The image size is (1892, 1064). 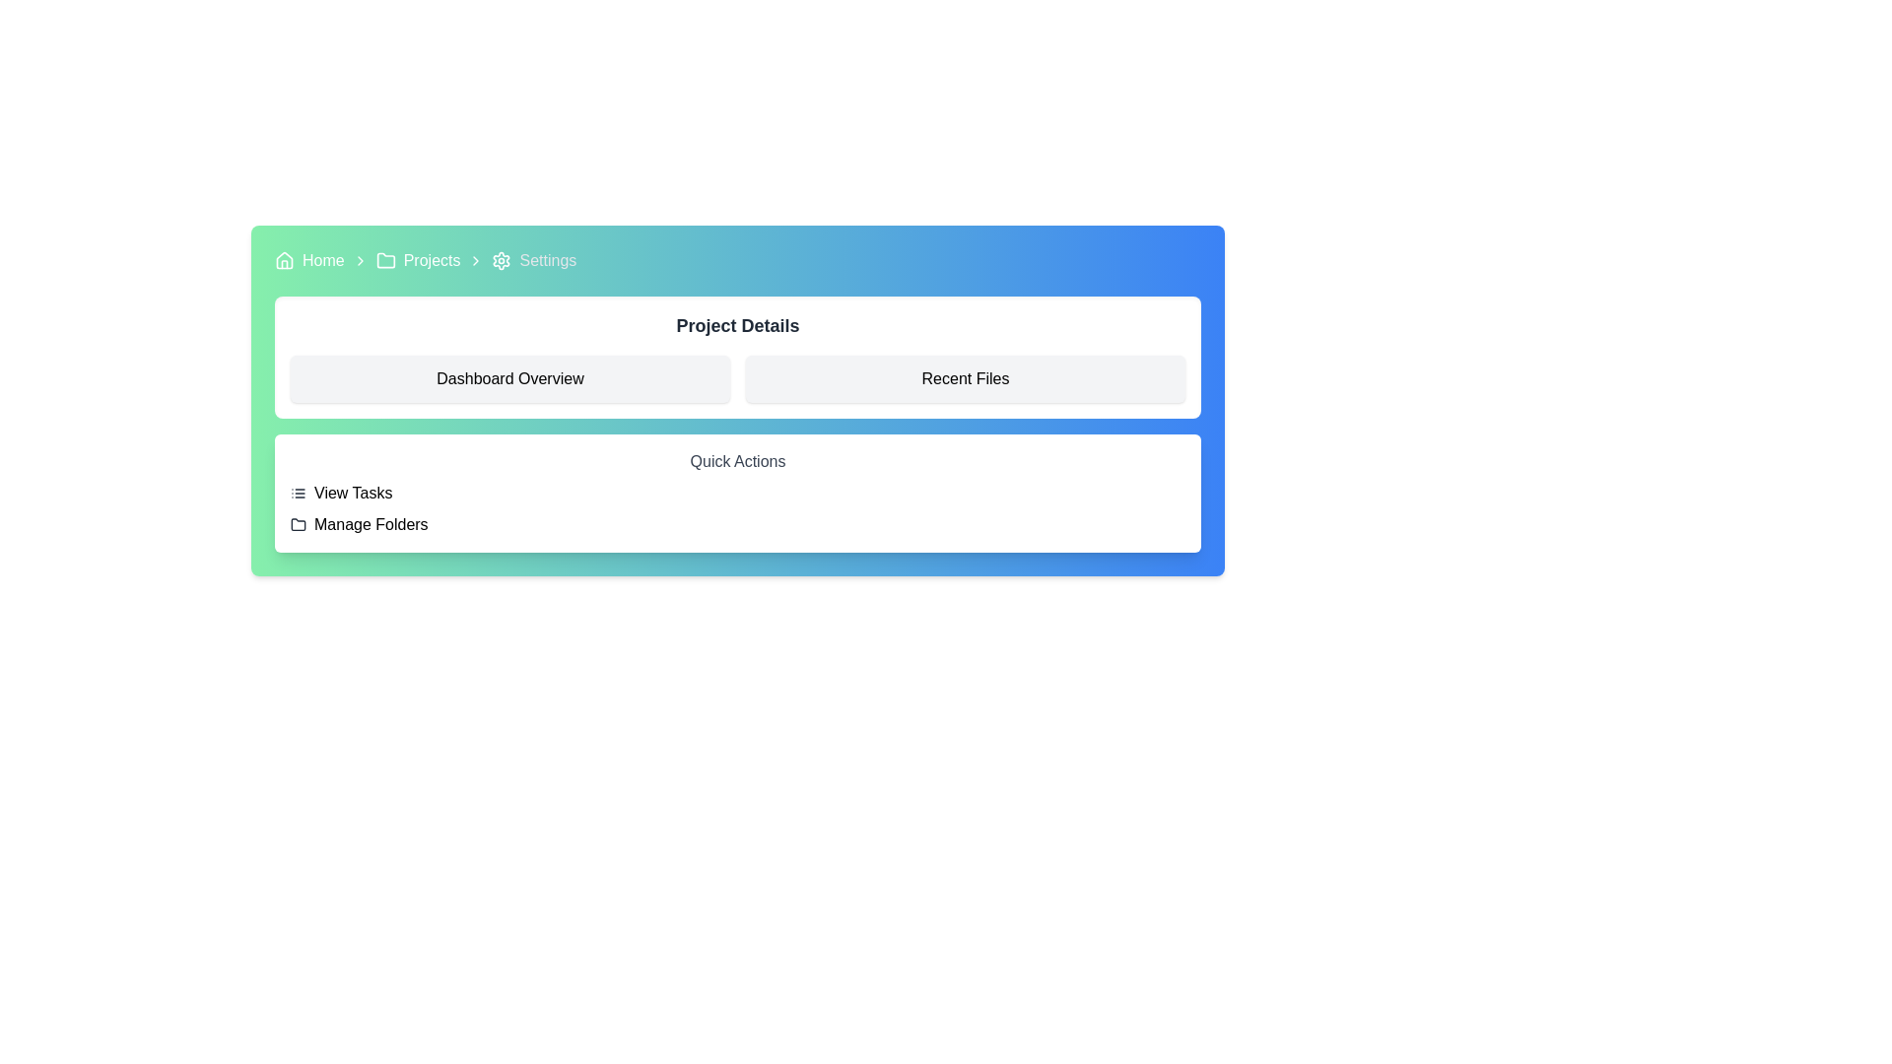 What do you see at coordinates (297, 493) in the screenshot?
I see `the icon resembling a bullet-point list, which is located to the immediate left of the text 'View Tasks' in the 'Quick Actions' area` at bounding box center [297, 493].